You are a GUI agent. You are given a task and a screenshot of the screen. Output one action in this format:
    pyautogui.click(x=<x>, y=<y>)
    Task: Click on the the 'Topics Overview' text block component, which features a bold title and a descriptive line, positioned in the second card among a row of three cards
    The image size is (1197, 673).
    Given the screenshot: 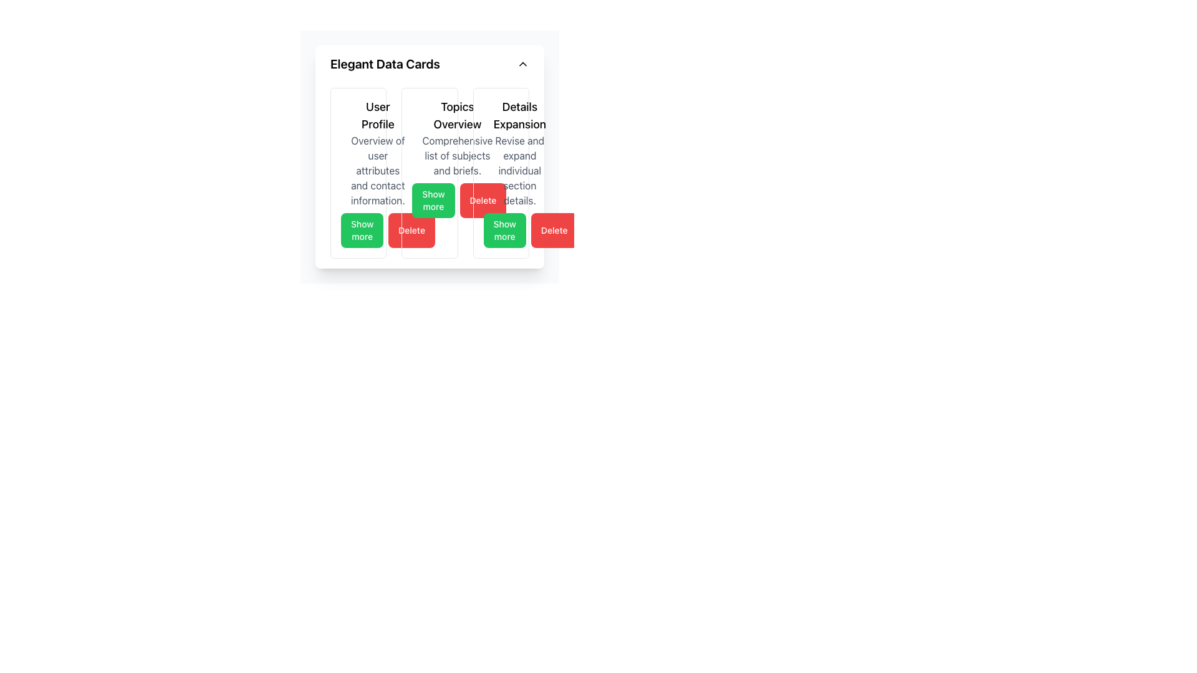 What is the action you would take?
    pyautogui.click(x=430, y=138)
    